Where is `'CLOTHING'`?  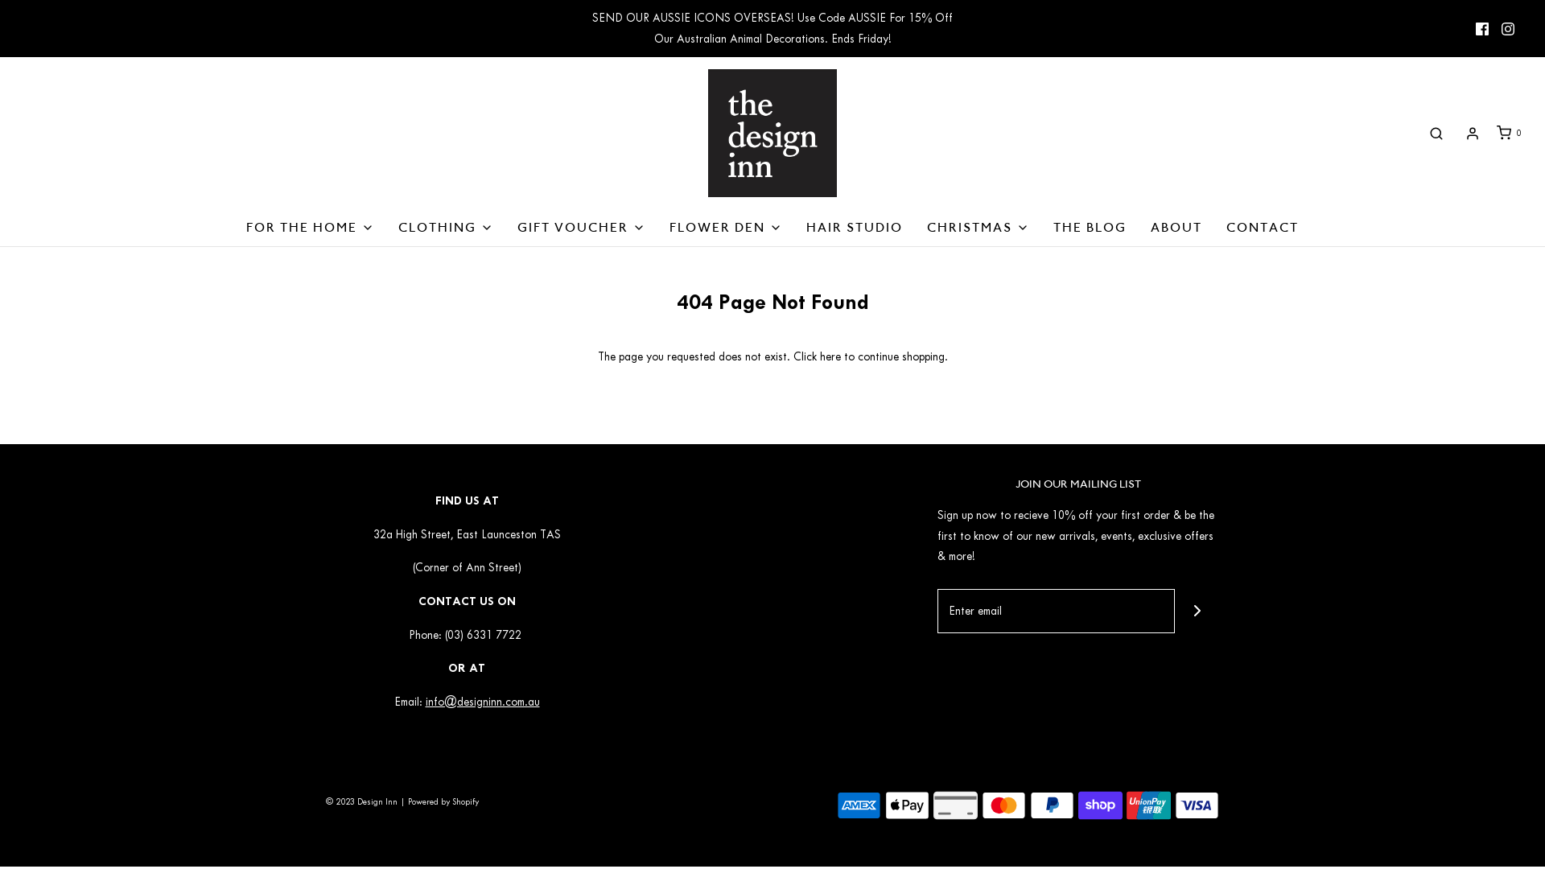
'CLOTHING' is located at coordinates (445, 227).